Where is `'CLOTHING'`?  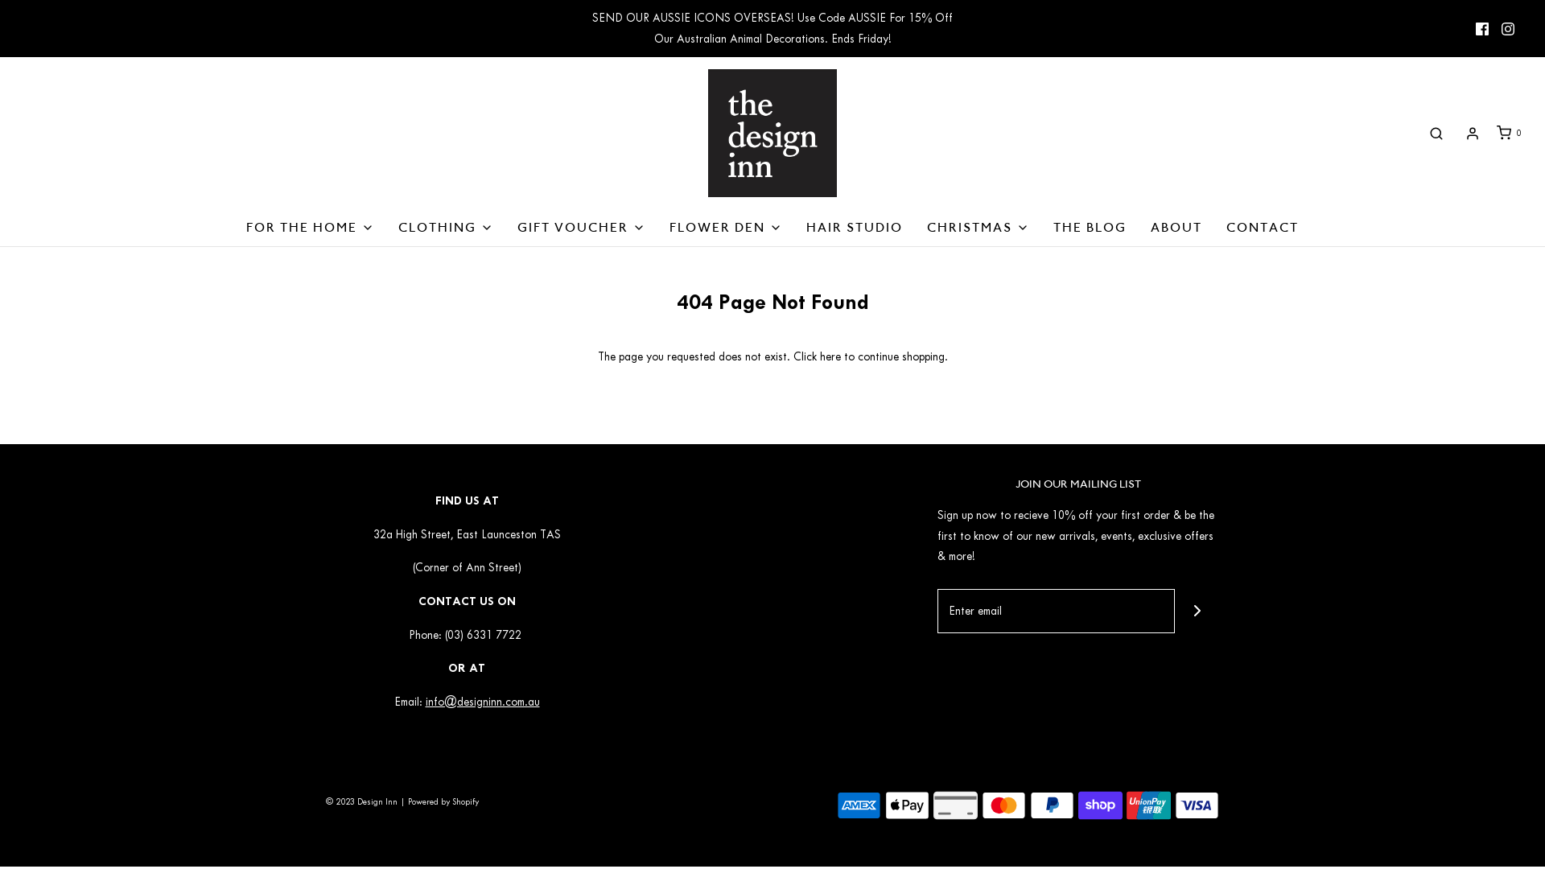
'CLOTHING' is located at coordinates (445, 227).